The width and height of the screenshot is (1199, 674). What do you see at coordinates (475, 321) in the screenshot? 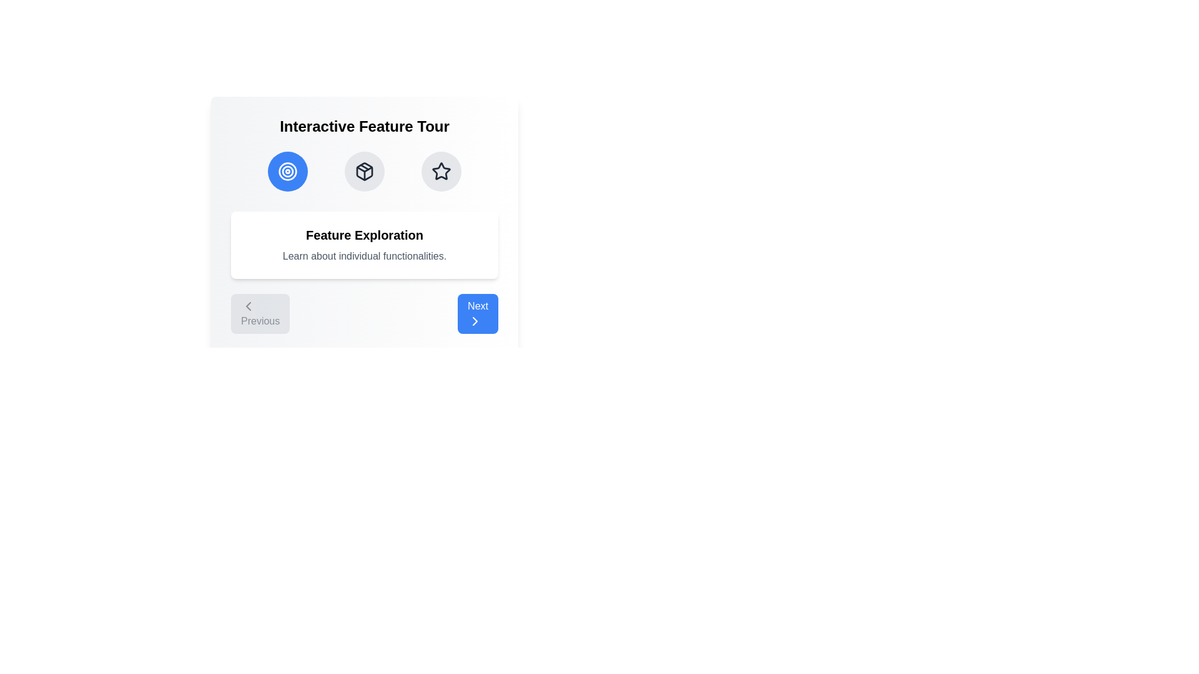
I see `the Chevron icon integrated within the 'Next' button, which is located at the bottom-right corner of the interface and indicates the direction to proceed` at bounding box center [475, 321].